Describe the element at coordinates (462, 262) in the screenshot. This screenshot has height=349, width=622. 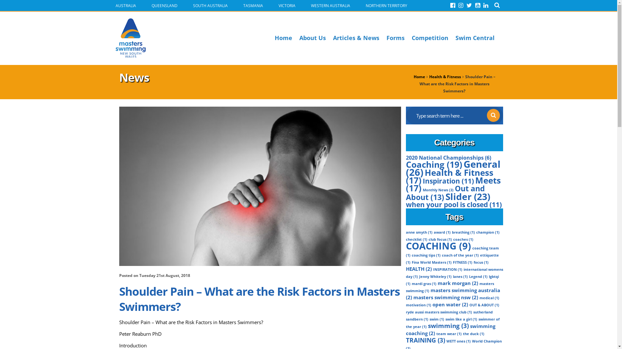
I see `'FITNESS (1)'` at that location.